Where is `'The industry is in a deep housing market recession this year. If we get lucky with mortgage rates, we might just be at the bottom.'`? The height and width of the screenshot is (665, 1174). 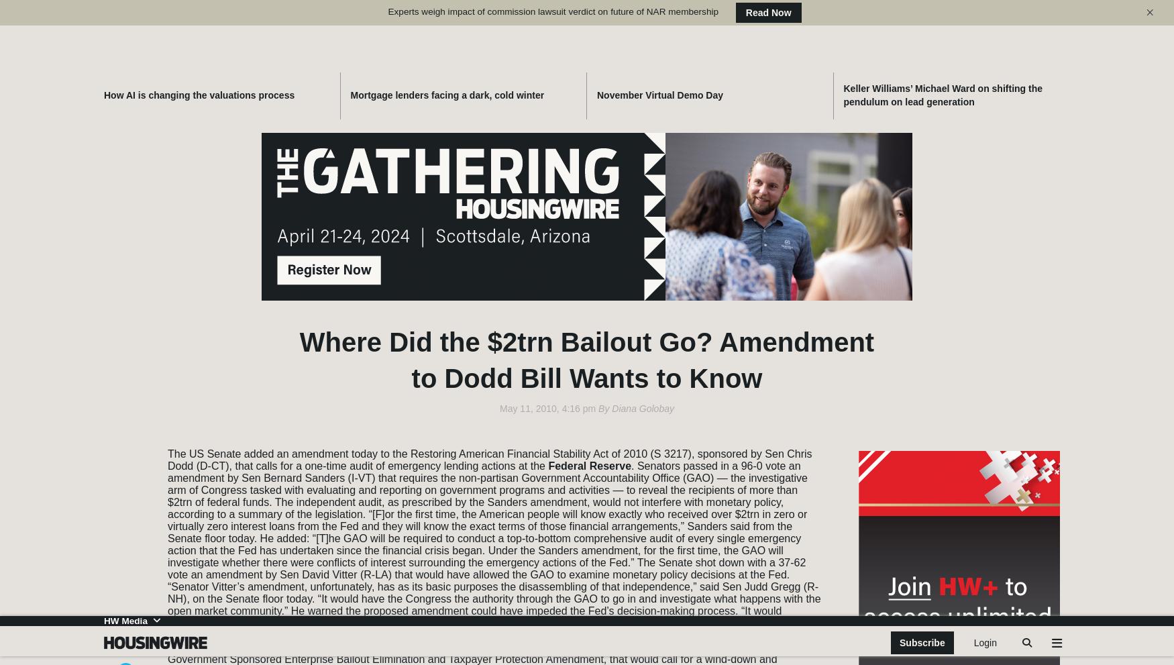 'The industry is in a deep housing market recession this year. If we get lucky with mortgage rates, we might just be at the bottom.' is located at coordinates (663, 591).